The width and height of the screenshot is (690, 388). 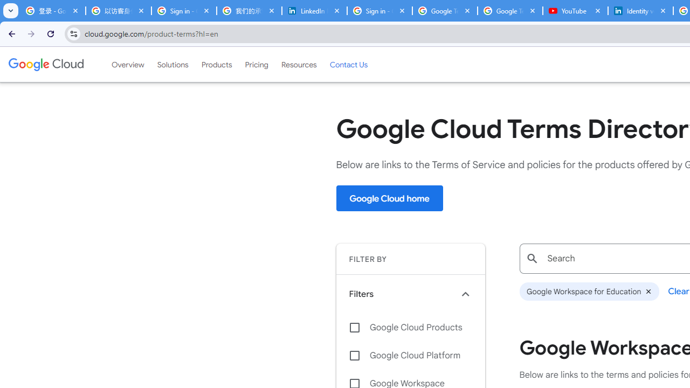 What do you see at coordinates (172, 64) in the screenshot?
I see `'Solutions'` at bounding box center [172, 64].